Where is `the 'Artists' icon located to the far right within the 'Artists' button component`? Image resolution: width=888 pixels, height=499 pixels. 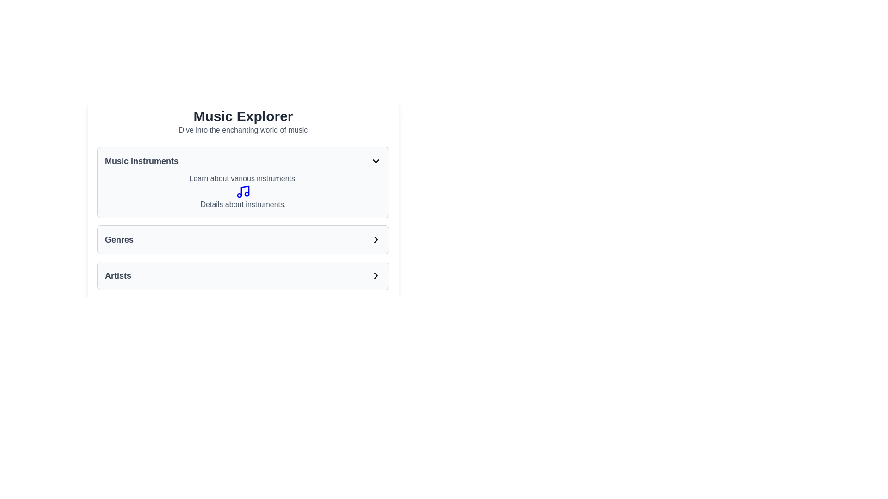
the 'Artists' icon located to the far right within the 'Artists' button component is located at coordinates (376, 275).